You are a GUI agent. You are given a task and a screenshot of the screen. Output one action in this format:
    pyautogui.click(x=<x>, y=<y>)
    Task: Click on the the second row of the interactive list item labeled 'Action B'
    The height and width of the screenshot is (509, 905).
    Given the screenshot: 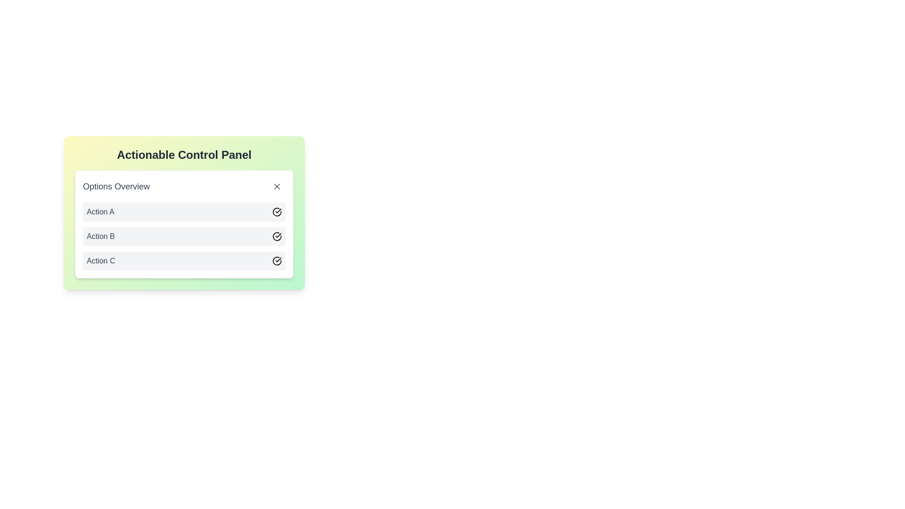 What is the action you would take?
    pyautogui.click(x=184, y=236)
    